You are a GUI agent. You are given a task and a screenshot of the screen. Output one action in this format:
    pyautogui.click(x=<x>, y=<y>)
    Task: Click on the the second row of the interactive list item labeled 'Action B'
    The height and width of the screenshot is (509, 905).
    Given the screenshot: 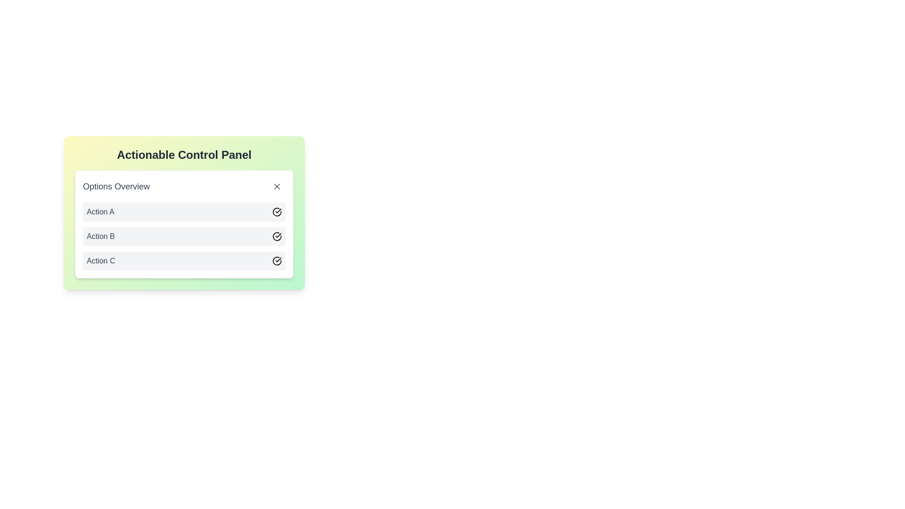 What is the action you would take?
    pyautogui.click(x=184, y=236)
    